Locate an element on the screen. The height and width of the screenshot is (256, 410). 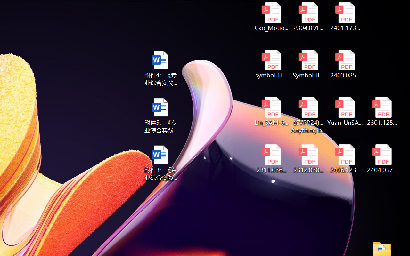
'2304.09121v3.pdf' is located at coordinates (308, 16).